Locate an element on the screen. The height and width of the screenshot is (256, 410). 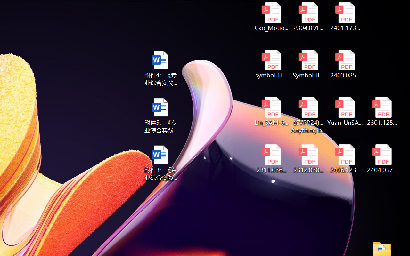
'2304.09121v3.pdf' is located at coordinates (308, 16).